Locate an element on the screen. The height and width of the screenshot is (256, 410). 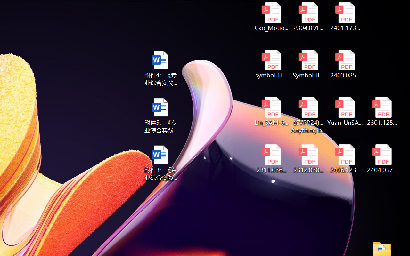
'2304.09121v3.pdf' is located at coordinates (308, 16).